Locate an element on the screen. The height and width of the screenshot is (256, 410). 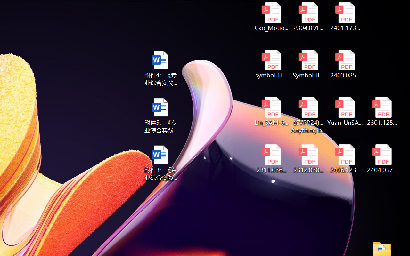
'2304.09121v3.pdf' is located at coordinates (308, 16).